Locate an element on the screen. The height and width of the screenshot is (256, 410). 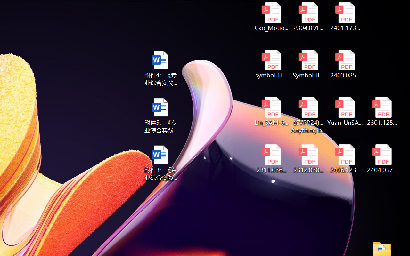
'2304.09121v3.pdf' is located at coordinates (308, 16).